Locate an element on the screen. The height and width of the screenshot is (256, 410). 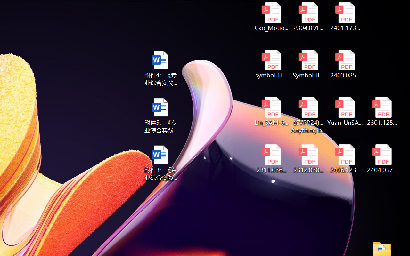
'2304.09121v3.pdf' is located at coordinates (308, 16).